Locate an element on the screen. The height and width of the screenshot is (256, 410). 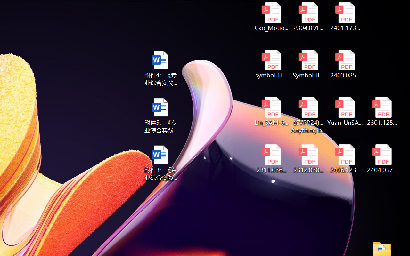
'2304.09121v3.pdf' is located at coordinates (308, 16).